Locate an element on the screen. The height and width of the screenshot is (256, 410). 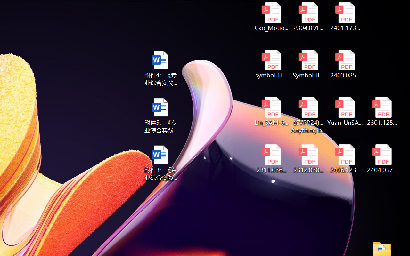
'2304.09121v3.pdf' is located at coordinates (308, 16).